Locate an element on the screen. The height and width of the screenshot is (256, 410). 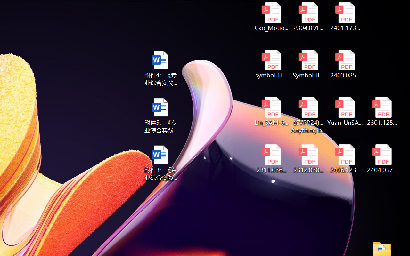
'2304.09121v3.pdf' is located at coordinates (308, 16).